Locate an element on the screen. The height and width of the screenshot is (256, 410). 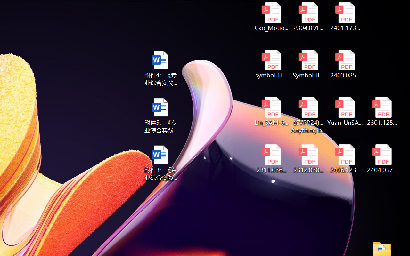
'2304.09121v3.pdf' is located at coordinates (308, 16).